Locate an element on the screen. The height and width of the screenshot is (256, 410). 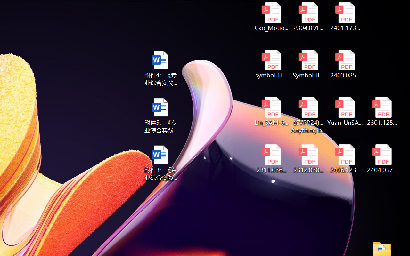
'2304.09121v3.pdf' is located at coordinates (308, 16).